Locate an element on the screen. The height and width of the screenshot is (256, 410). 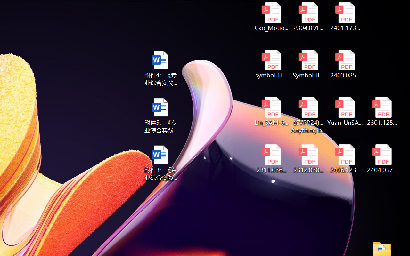
'2304.09121v3.pdf' is located at coordinates (308, 16).